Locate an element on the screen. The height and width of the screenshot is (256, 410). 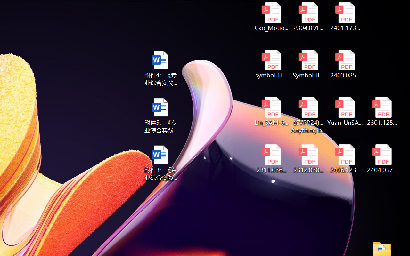
'2304.09121v3.pdf' is located at coordinates (308, 16).